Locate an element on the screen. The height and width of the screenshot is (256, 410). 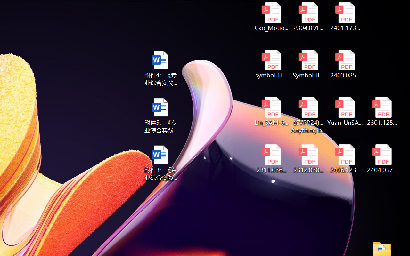
'2304.09121v3.pdf' is located at coordinates (308, 16).